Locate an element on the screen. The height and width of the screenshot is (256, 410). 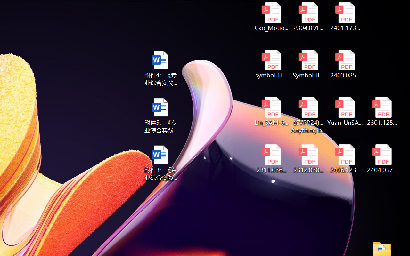
'2304.09121v3.pdf' is located at coordinates (308, 16).